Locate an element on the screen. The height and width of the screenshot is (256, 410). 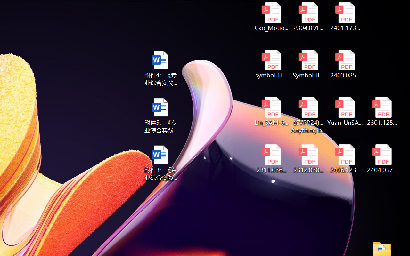
'2304.09121v3.pdf' is located at coordinates (308, 16).